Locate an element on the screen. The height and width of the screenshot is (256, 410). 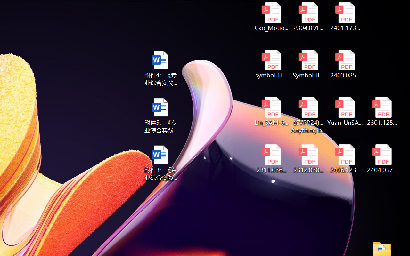
'2304.09121v3.pdf' is located at coordinates (308, 16).